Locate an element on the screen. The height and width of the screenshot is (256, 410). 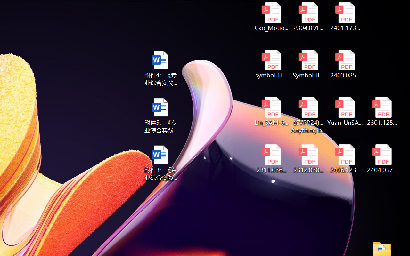
'2304.09121v3.pdf' is located at coordinates (308, 16).